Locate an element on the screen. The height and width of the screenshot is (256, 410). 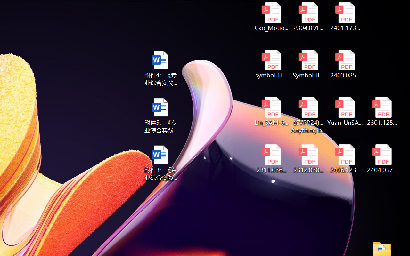
'2304.09121v3.pdf' is located at coordinates (308, 16).